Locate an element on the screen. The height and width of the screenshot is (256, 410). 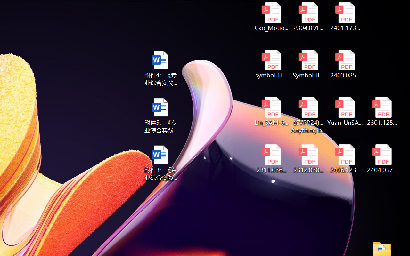
'2304.09121v3.pdf' is located at coordinates (308, 16).